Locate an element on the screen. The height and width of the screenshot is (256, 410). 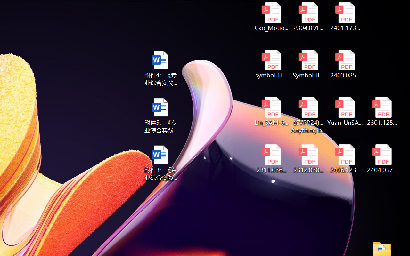
'2304.09121v3.pdf' is located at coordinates (308, 16).